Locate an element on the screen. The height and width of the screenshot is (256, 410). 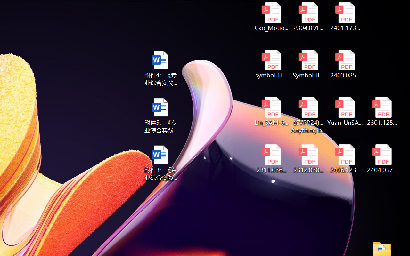
'2304.09121v3.pdf' is located at coordinates (308, 16).